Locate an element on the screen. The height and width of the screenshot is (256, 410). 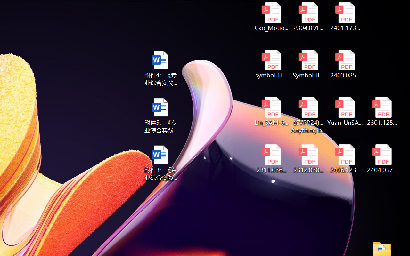
'2304.09121v3.pdf' is located at coordinates (308, 16).